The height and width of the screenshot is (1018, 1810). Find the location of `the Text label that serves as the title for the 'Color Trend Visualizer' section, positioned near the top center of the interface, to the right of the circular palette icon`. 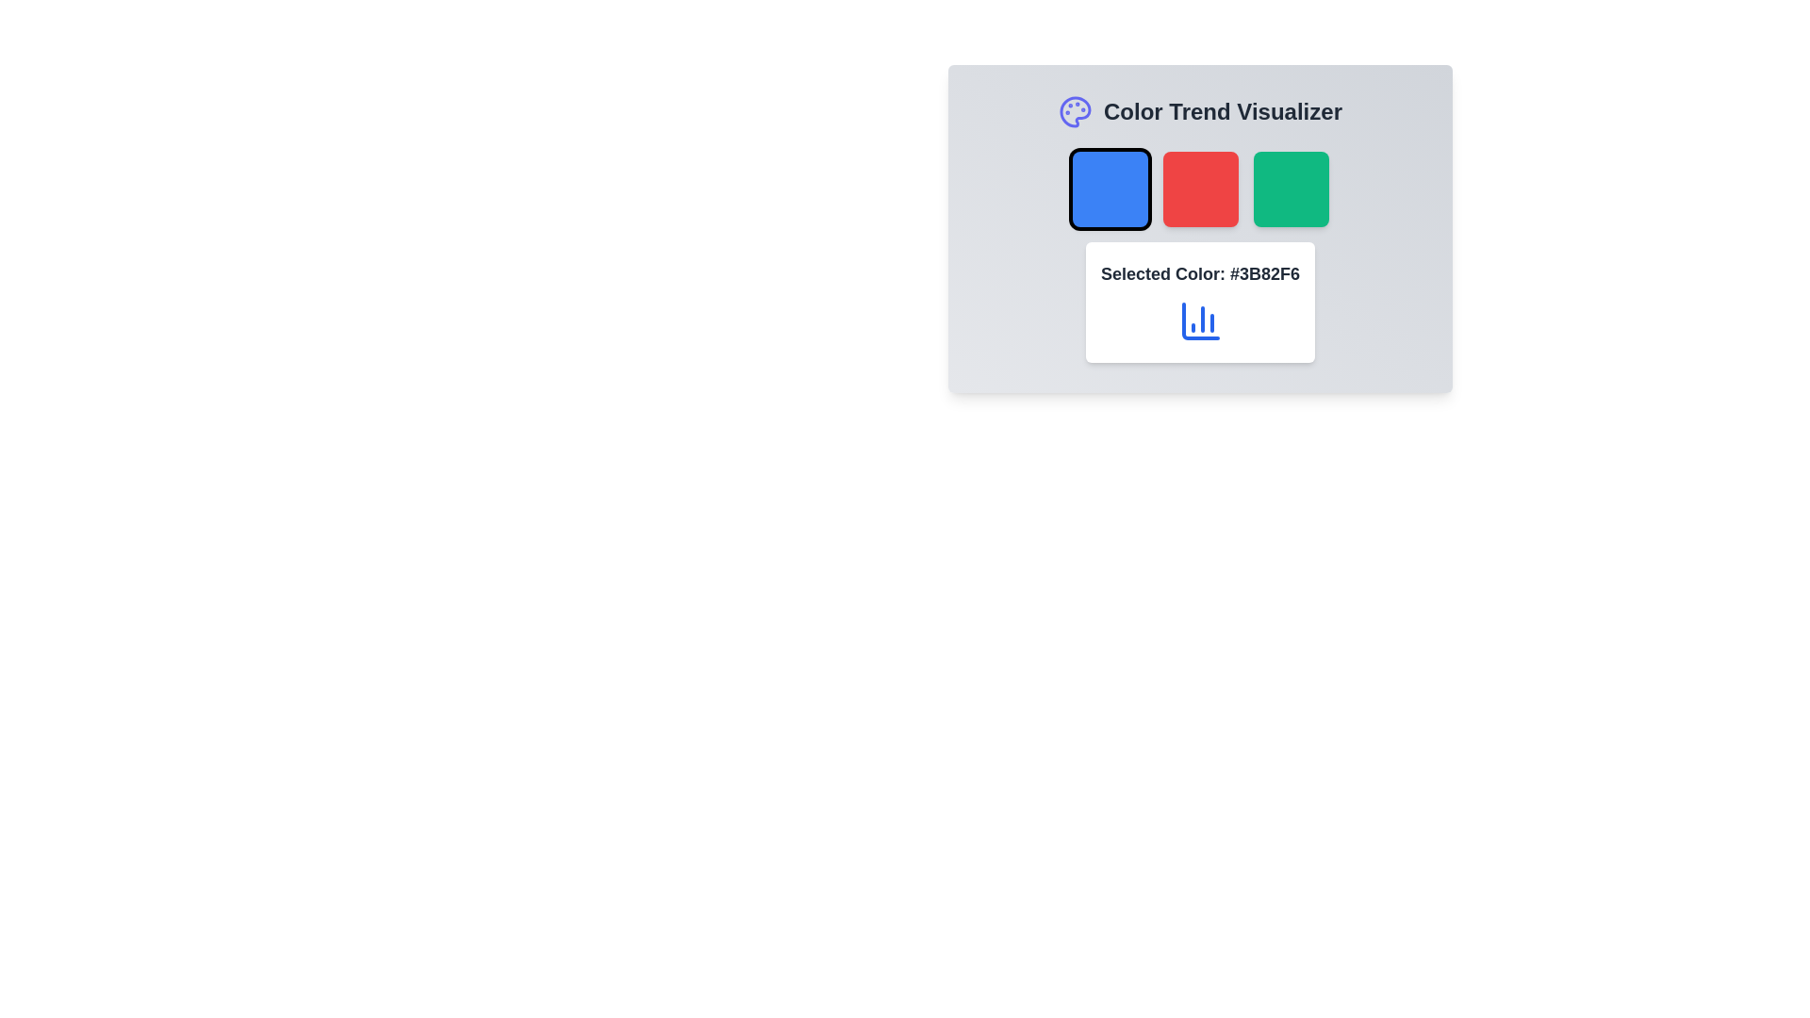

the Text label that serves as the title for the 'Color Trend Visualizer' section, positioned near the top center of the interface, to the right of the circular palette icon is located at coordinates (1223, 112).